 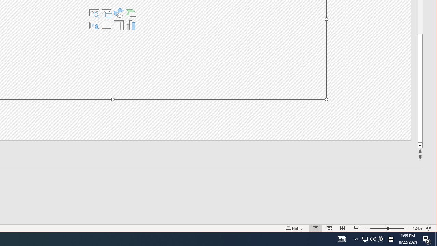 I want to click on 'Insert a SmartArt Graphic', so click(x=131, y=13).